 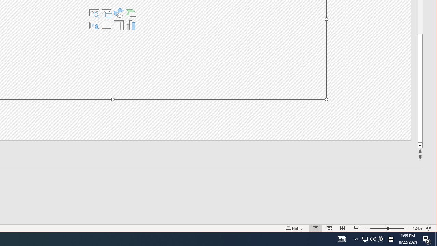 I want to click on 'Insert a SmartArt Graphic', so click(x=131, y=13).